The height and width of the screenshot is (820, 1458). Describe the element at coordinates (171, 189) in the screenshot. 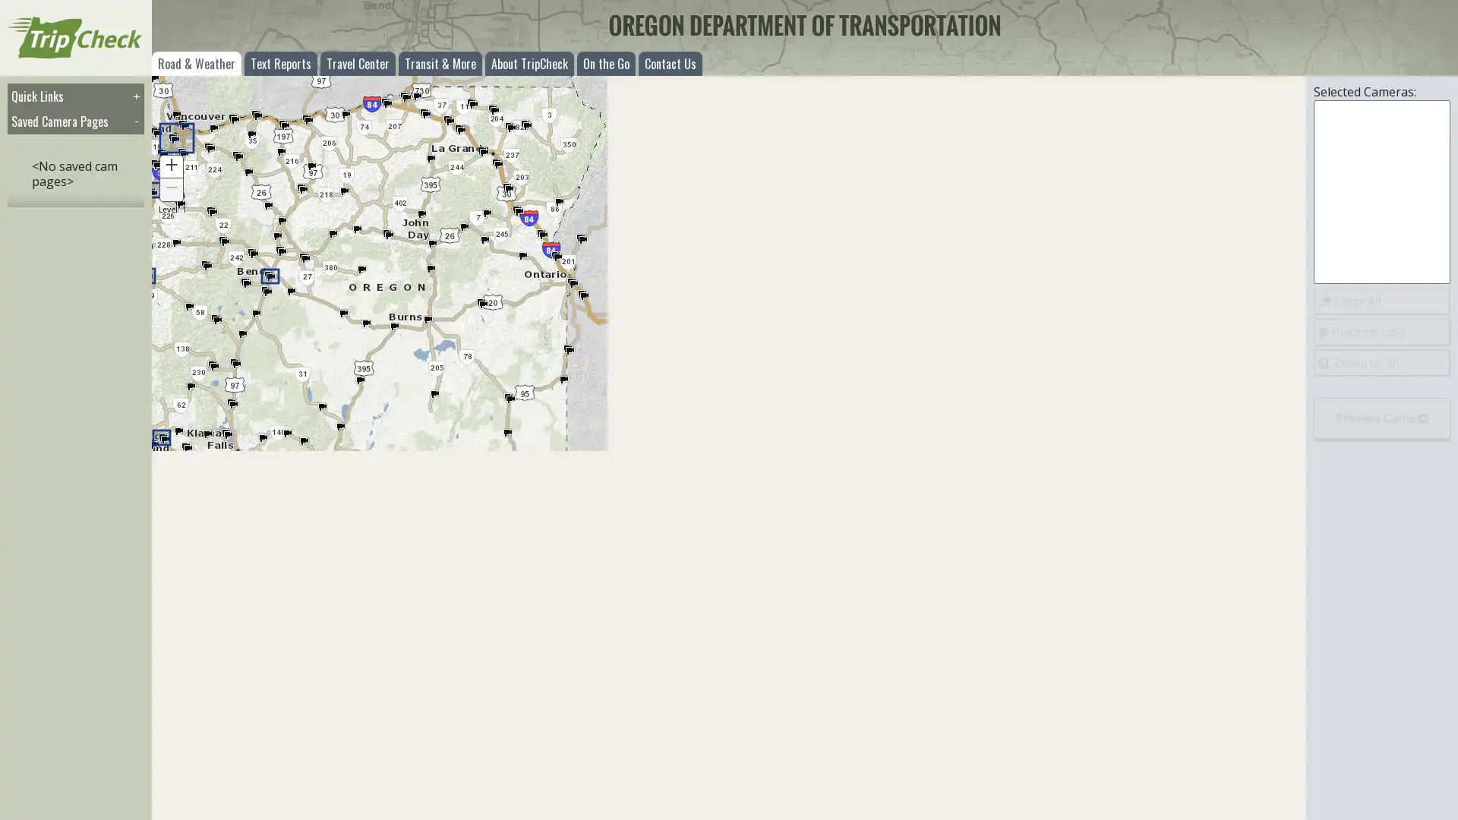

I see `Zoom Out` at that location.